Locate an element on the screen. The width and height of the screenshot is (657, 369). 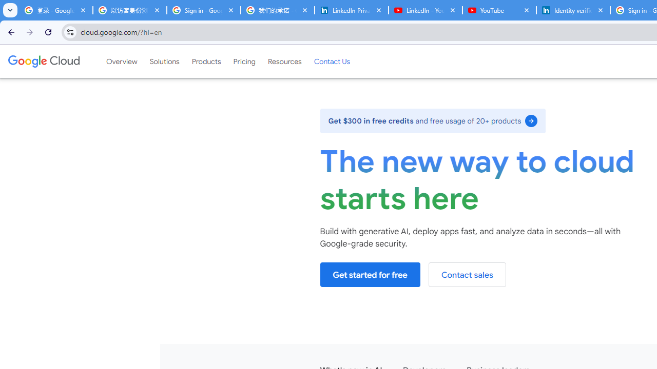
'Pricing' is located at coordinates (244, 61).